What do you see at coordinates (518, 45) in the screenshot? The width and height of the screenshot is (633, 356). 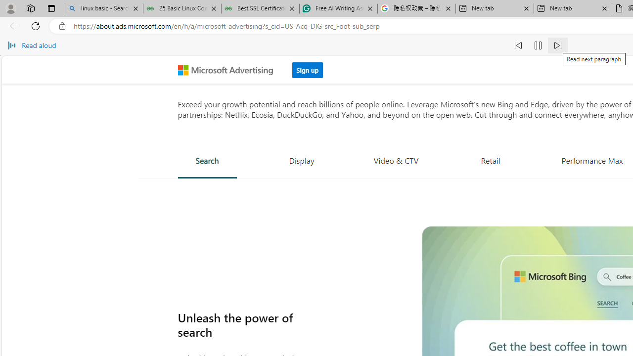 I see `'Read previous paragraph'` at bounding box center [518, 45].